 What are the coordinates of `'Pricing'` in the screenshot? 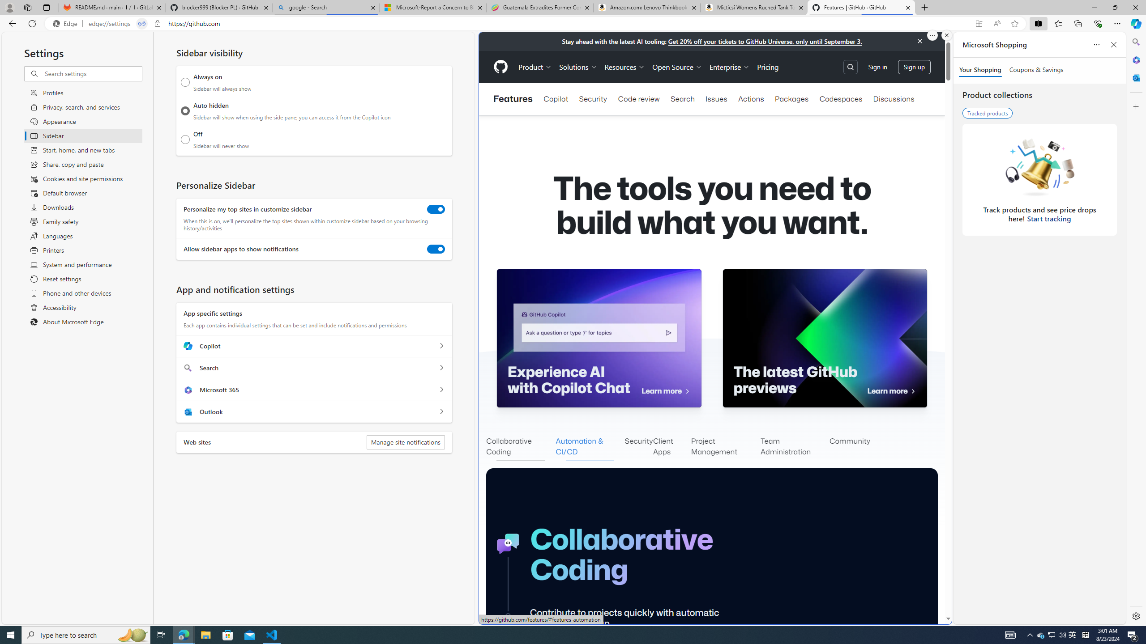 It's located at (768, 67).